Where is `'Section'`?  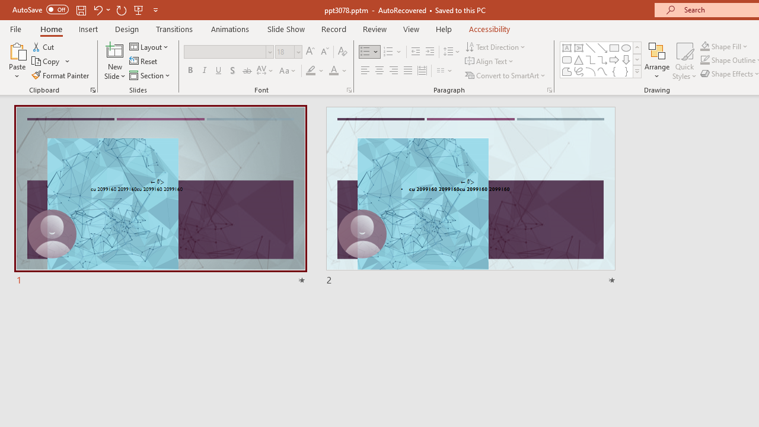 'Section' is located at coordinates (150, 75).